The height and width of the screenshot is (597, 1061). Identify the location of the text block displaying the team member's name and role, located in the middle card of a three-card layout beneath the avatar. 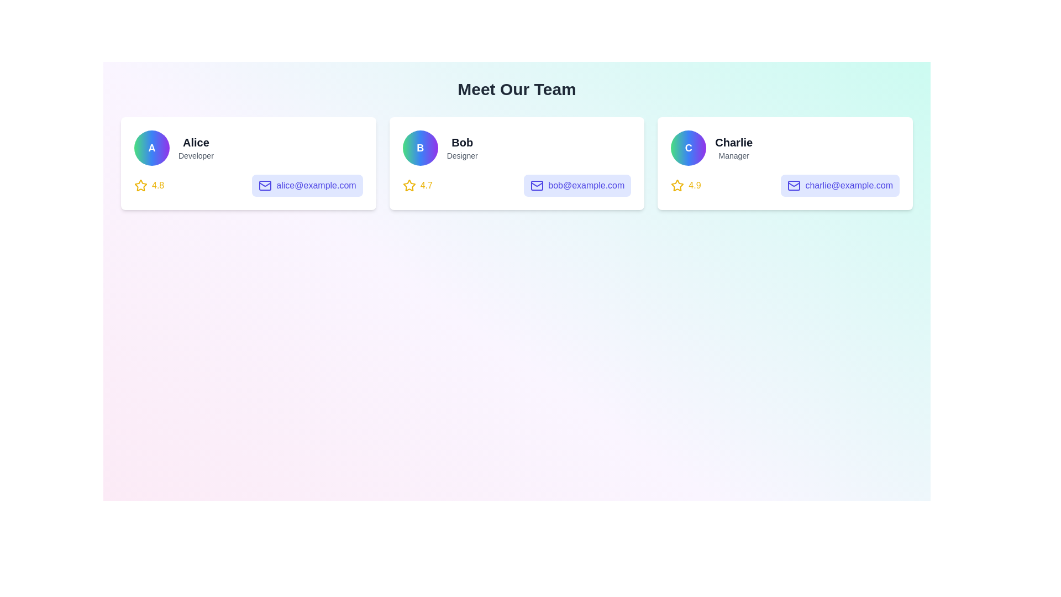
(462, 147).